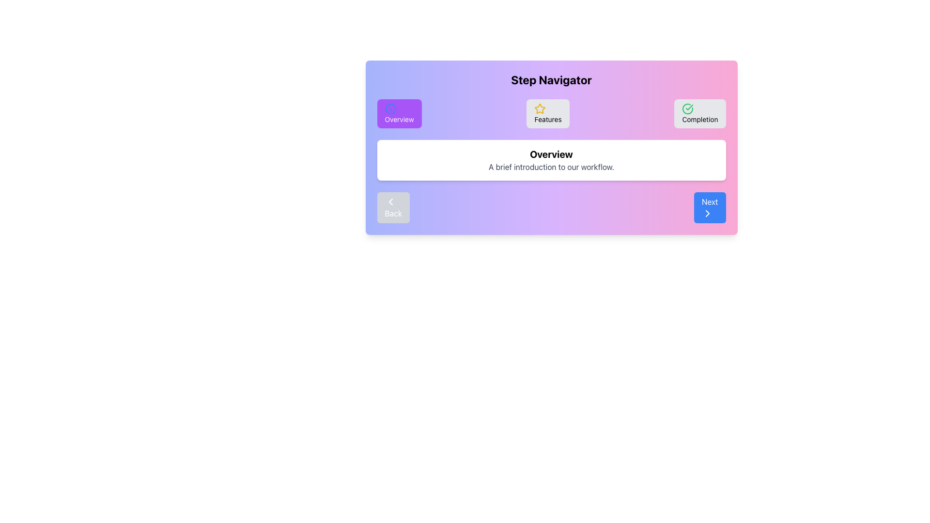  What do you see at coordinates (551, 113) in the screenshot?
I see `to select the 'Features' subsection in the Step navigation panel, which is styled with a gray background and a yellow star icon` at bounding box center [551, 113].